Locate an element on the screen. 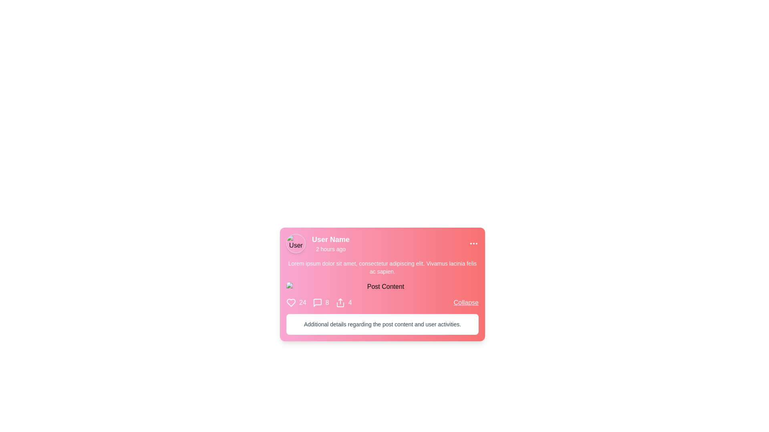 The image size is (769, 432). the comments icon located in the bottom section of the UI card is located at coordinates (317, 302).